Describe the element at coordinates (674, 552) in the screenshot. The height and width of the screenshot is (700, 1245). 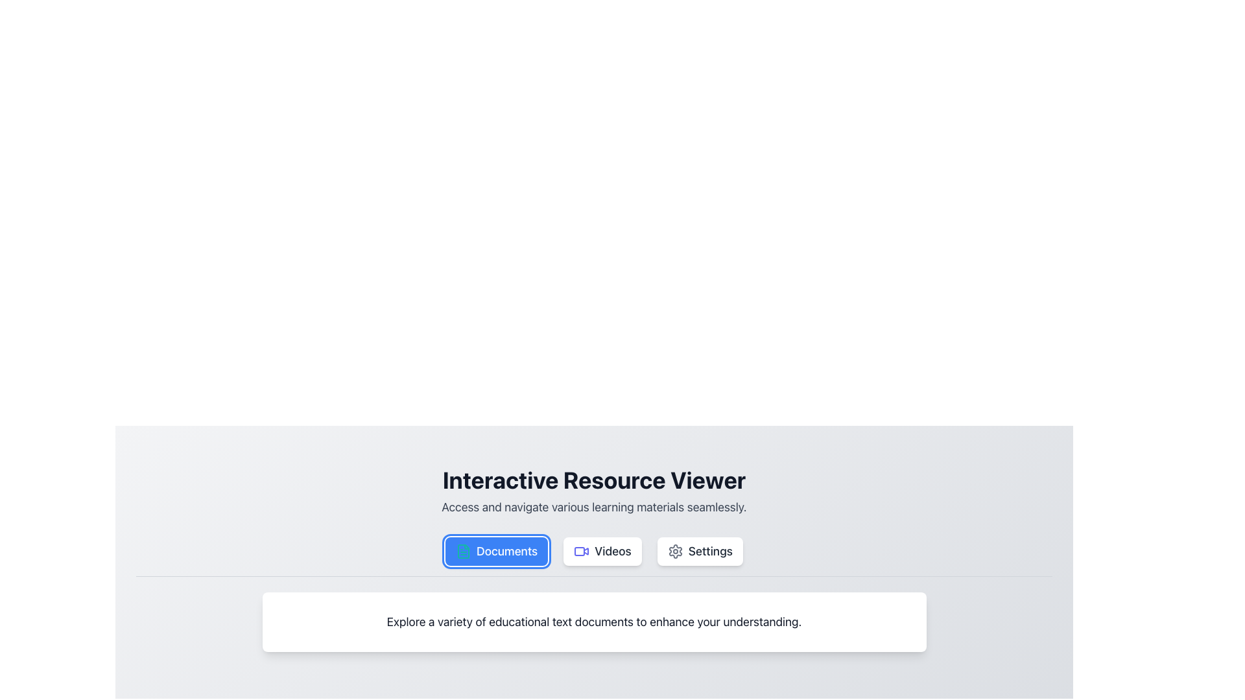
I see `the small gray cogwheel icon representing settings, which is located inside the 'Settings' button on the rightmost side of the menu bar` at that location.